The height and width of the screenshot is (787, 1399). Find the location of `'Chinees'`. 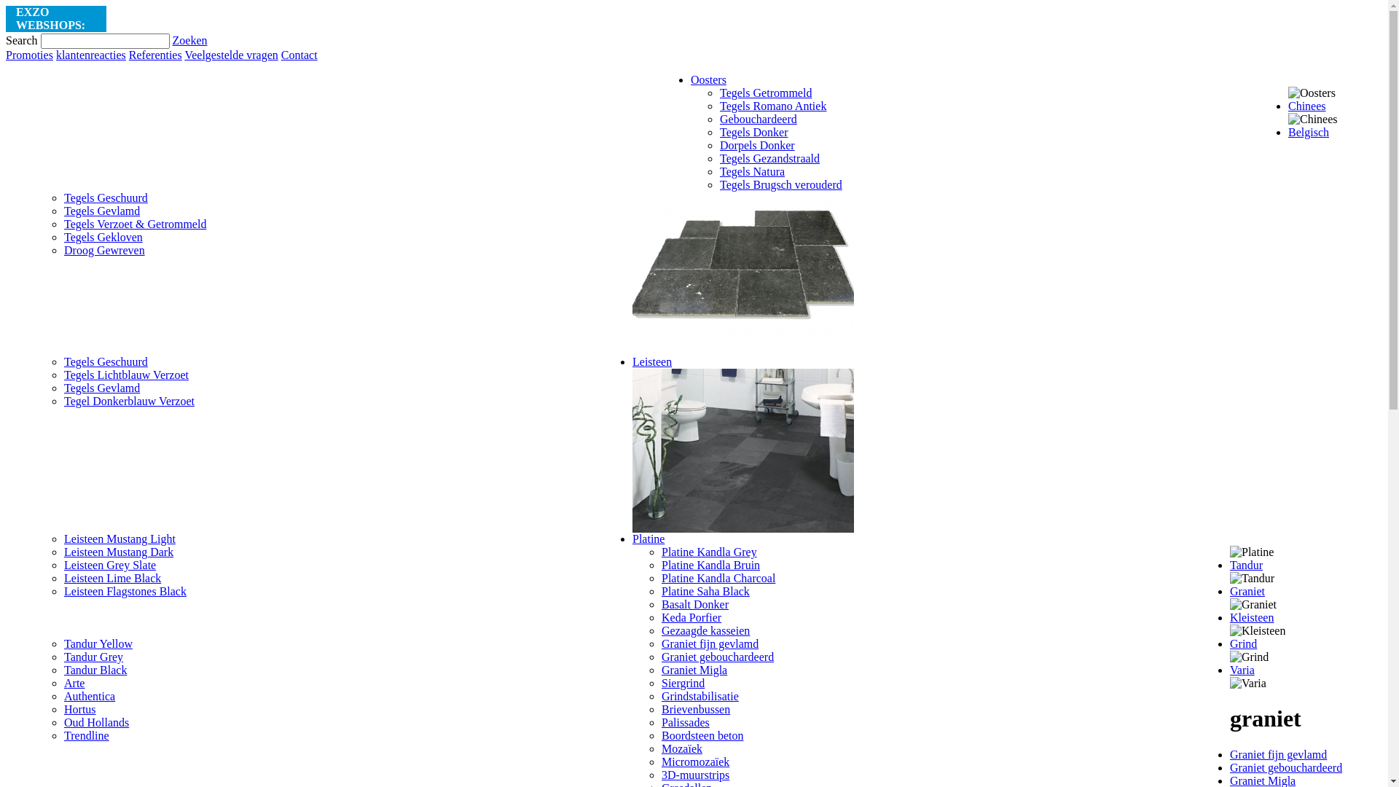

'Chinees' is located at coordinates (1307, 105).